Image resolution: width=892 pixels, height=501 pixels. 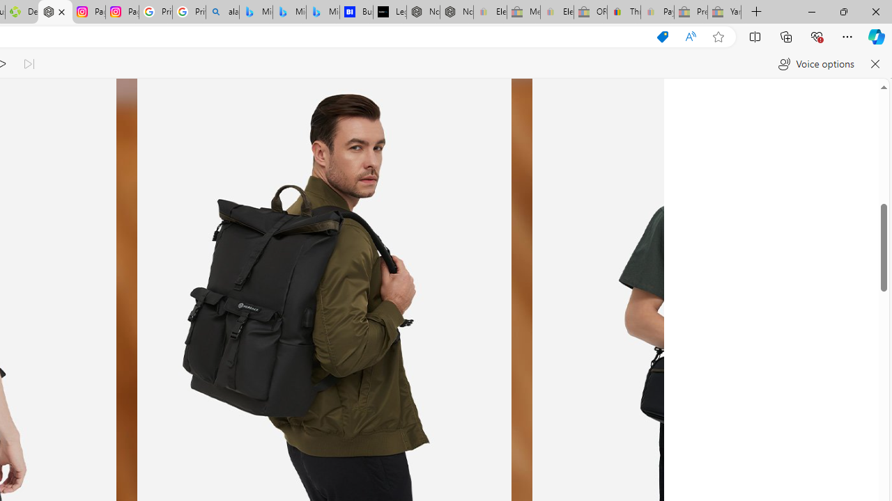 What do you see at coordinates (876, 35) in the screenshot?
I see `'Copilot (Ctrl+Shift+.)'` at bounding box center [876, 35].